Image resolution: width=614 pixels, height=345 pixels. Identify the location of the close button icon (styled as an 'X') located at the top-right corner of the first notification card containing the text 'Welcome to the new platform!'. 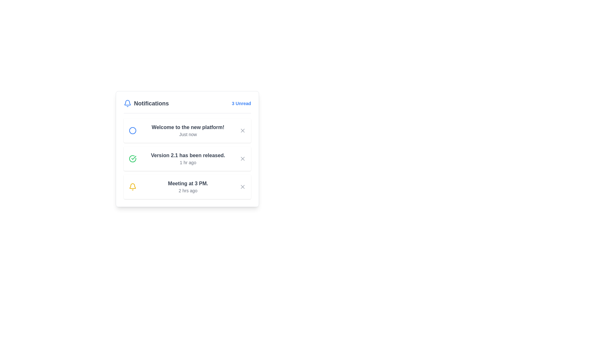
(242, 130).